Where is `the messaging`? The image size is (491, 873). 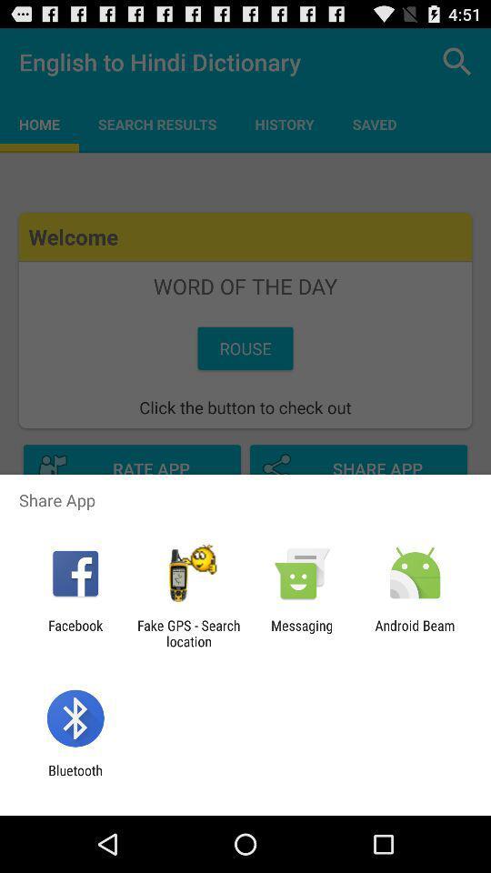 the messaging is located at coordinates (302, 633).